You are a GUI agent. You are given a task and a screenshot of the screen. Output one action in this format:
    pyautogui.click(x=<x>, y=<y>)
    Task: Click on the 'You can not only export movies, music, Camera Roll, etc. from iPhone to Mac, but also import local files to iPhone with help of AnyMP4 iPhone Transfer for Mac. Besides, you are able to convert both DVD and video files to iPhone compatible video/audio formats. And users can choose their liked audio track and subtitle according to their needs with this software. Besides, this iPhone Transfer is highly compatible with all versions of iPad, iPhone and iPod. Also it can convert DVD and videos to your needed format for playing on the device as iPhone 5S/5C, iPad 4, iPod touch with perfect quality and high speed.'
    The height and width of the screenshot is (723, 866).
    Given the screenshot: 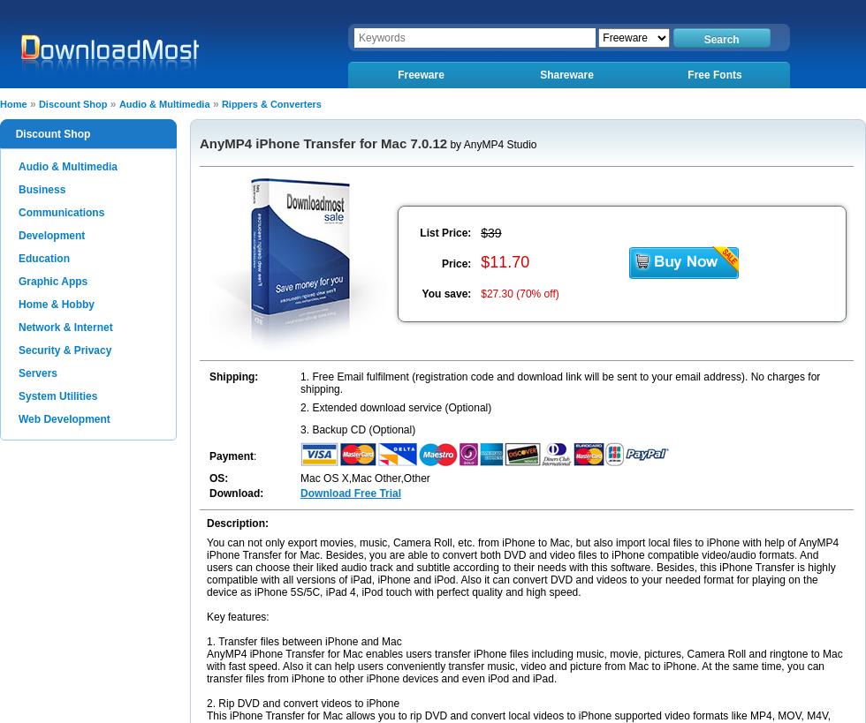 What is the action you would take?
    pyautogui.click(x=207, y=566)
    